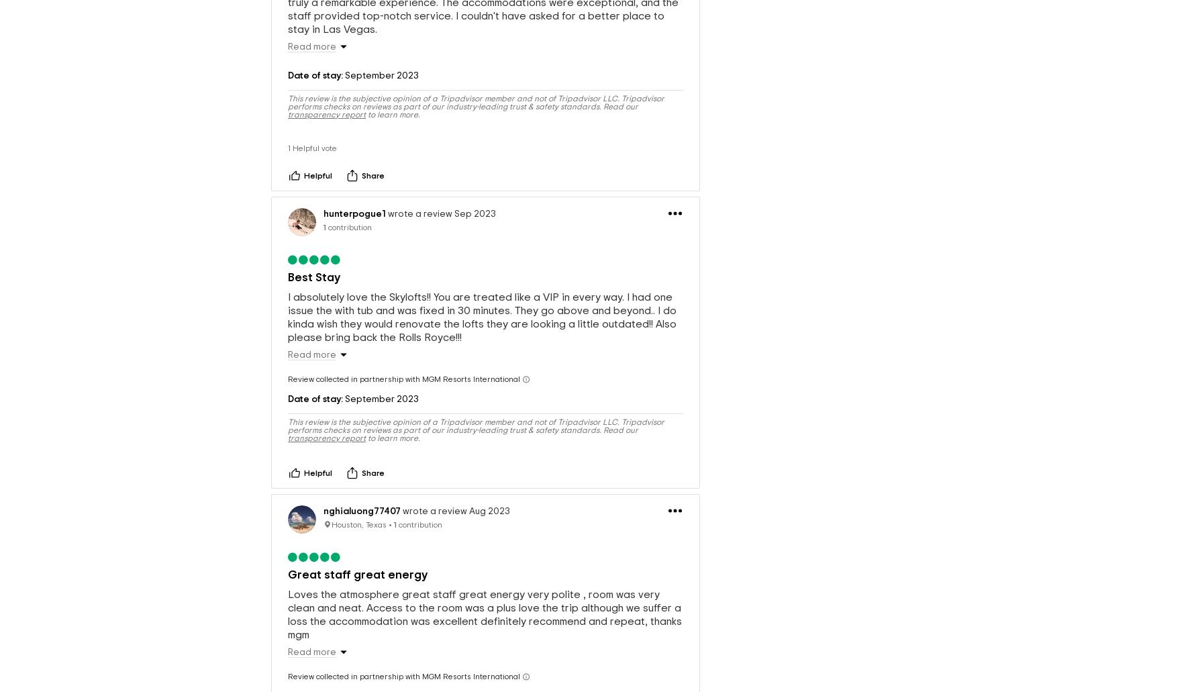 The image size is (1192, 692). What do you see at coordinates (455, 489) in the screenshot?
I see `'wrote a review Aug 2023'` at bounding box center [455, 489].